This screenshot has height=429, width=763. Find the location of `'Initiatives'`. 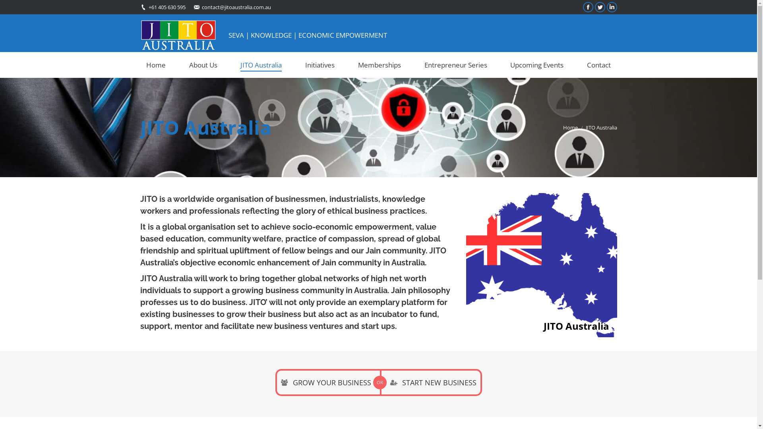

'Initiatives' is located at coordinates (320, 64).